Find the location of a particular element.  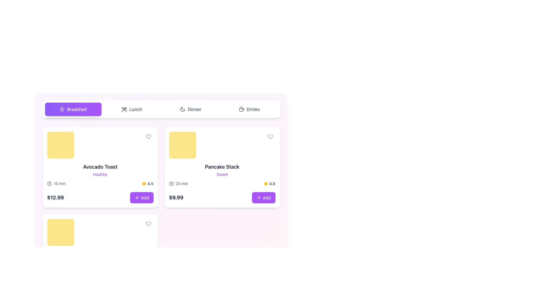

the 'Add' text label within the button that has a vibrant purple background, located at the bottom-right corner of the 'Pancake Stack' card is located at coordinates (267, 197).